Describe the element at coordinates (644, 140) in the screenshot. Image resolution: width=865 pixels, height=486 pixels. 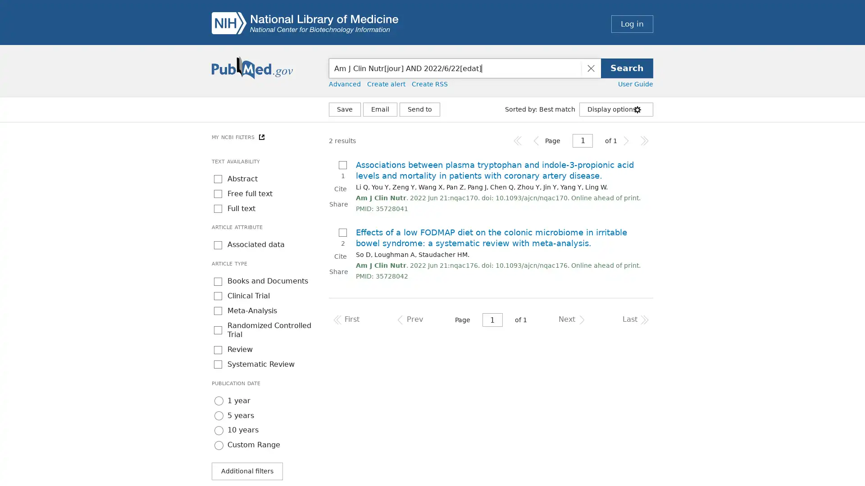
I see `Navigates to the last page of results.` at that location.